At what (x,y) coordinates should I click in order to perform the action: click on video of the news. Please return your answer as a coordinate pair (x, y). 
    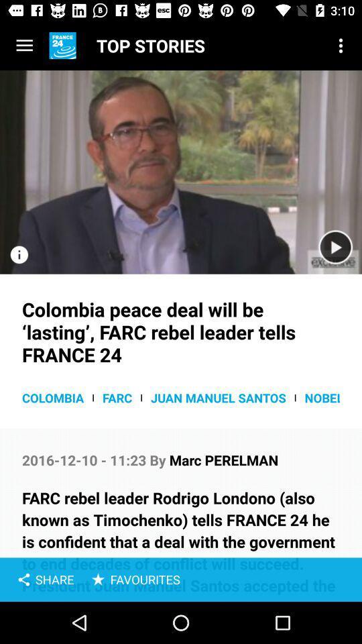
    Looking at the image, I should click on (335, 247).